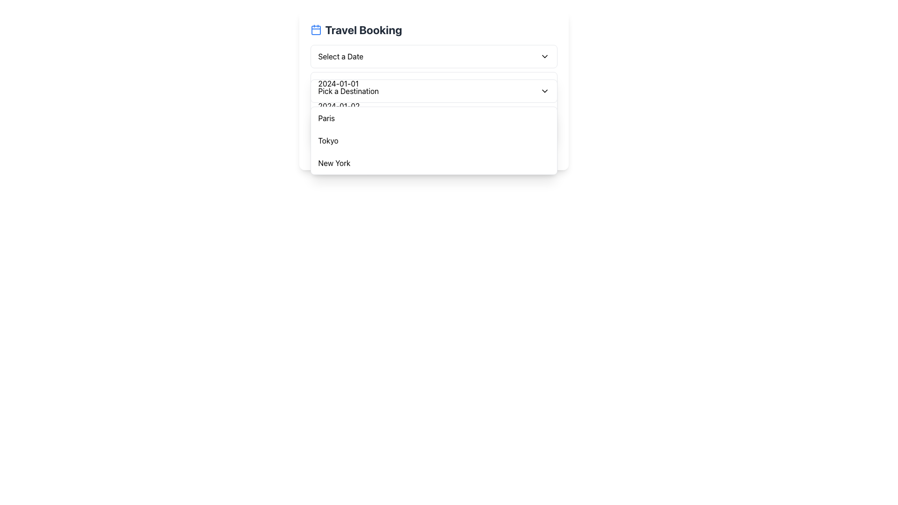 The image size is (898, 505). I want to click on the icon indicating that 'Paris' has been selected in the dropdown menu of the travel booking interface, so click(316, 119).